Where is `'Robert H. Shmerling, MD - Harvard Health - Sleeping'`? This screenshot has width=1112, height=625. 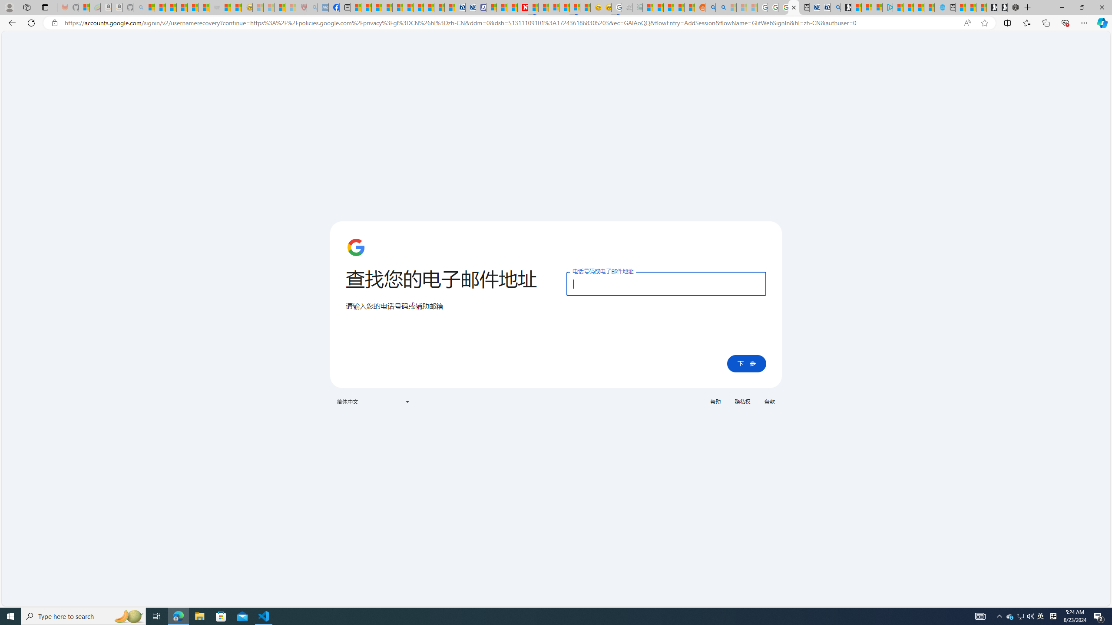
'Robert H. Shmerling, MD - Harvard Health - Sleeping' is located at coordinates (301, 7).